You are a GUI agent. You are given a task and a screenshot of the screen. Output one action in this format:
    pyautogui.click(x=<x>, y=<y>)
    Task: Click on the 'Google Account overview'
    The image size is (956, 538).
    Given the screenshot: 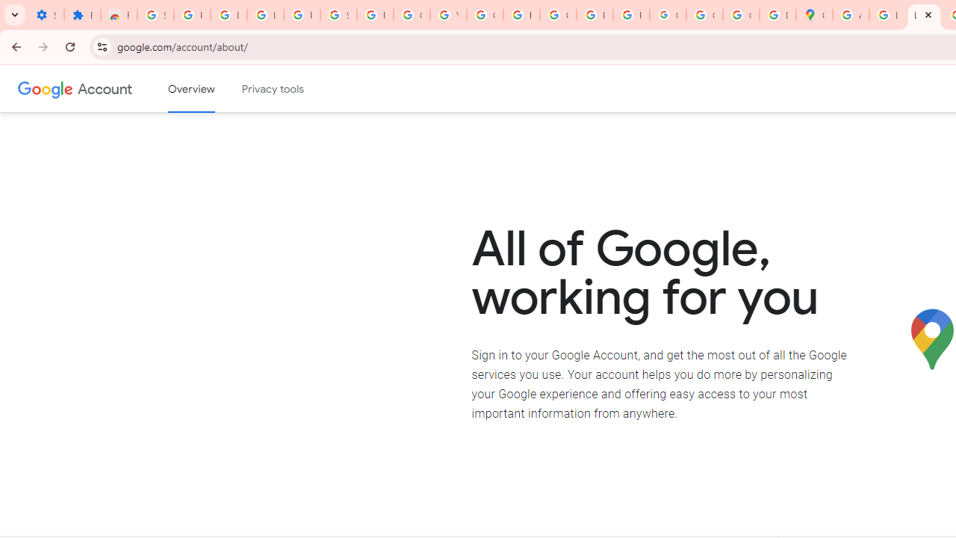 What is the action you would take?
    pyautogui.click(x=190, y=89)
    